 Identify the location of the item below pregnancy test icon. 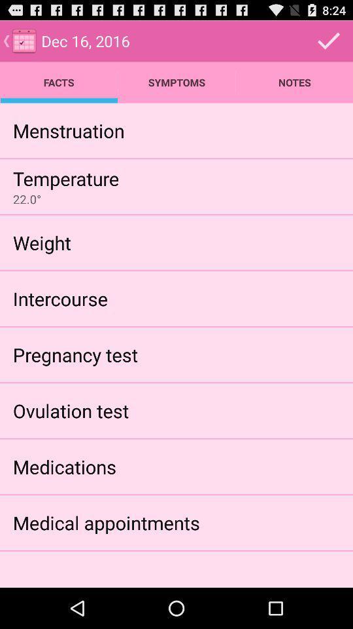
(71, 410).